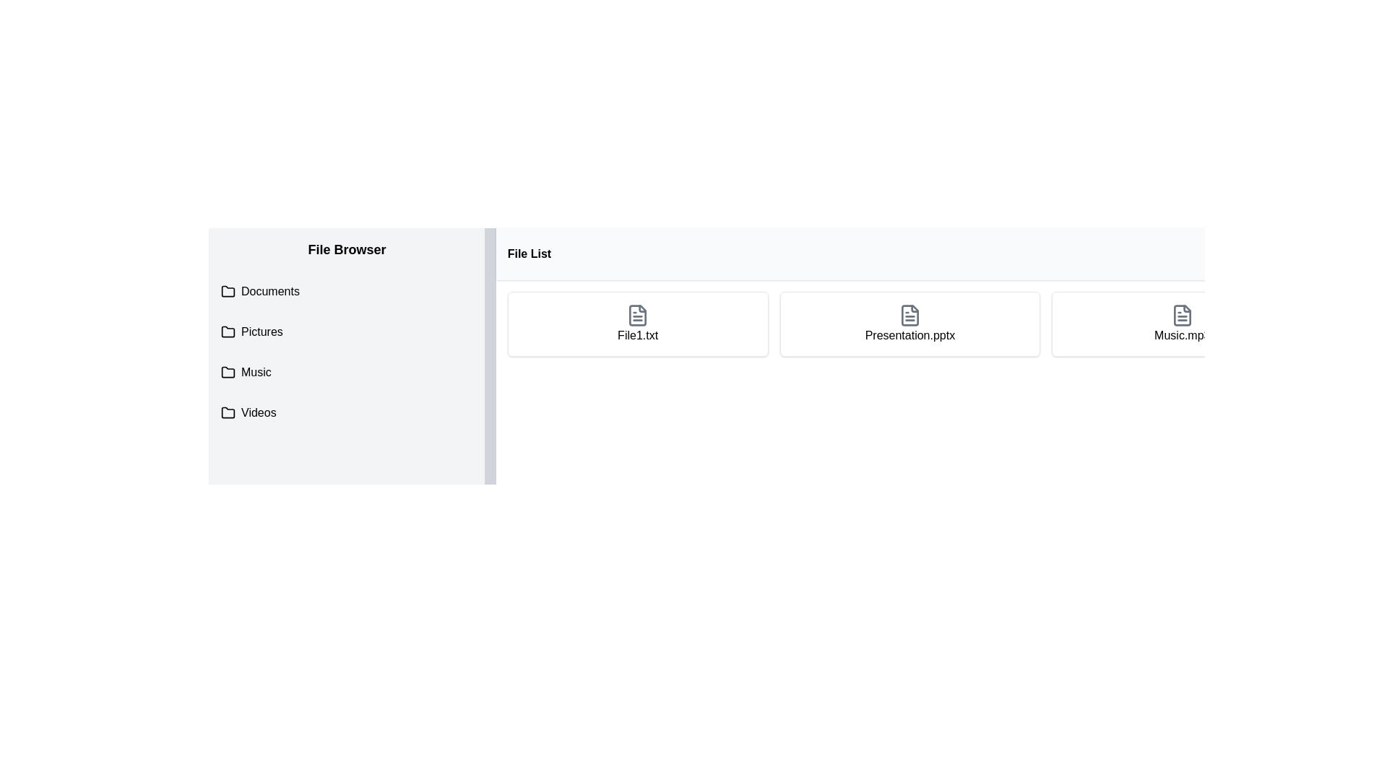 This screenshot has height=780, width=1387. What do you see at coordinates (347, 331) in the screenshot?
I see `the 'Pictures' list item in the File Browser to observe the hover effect, which is indicated by a change in background color` at bounding box center [347, 331].